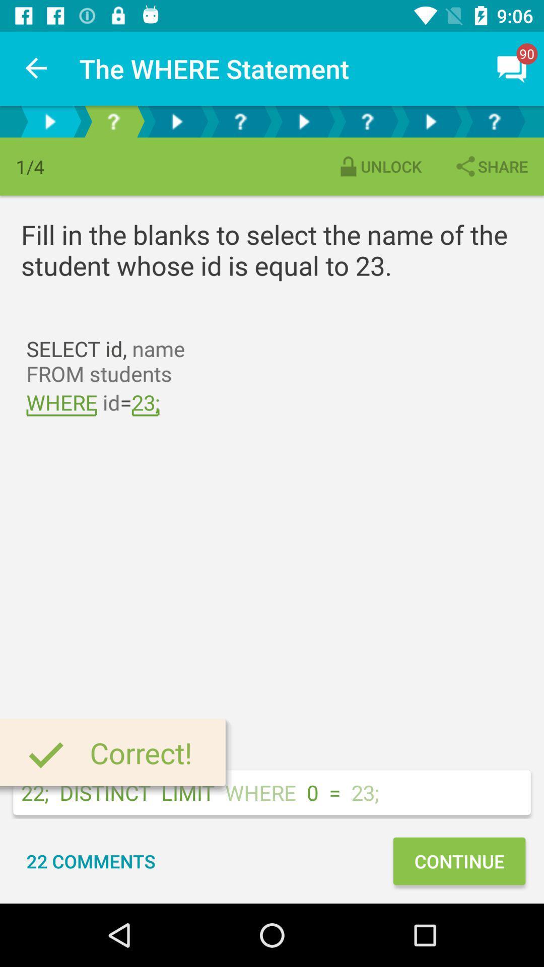 The image size is (544, 967). Describe the element at coordinates (493, 121) in the screenshot. I see `the help icon` at that location.